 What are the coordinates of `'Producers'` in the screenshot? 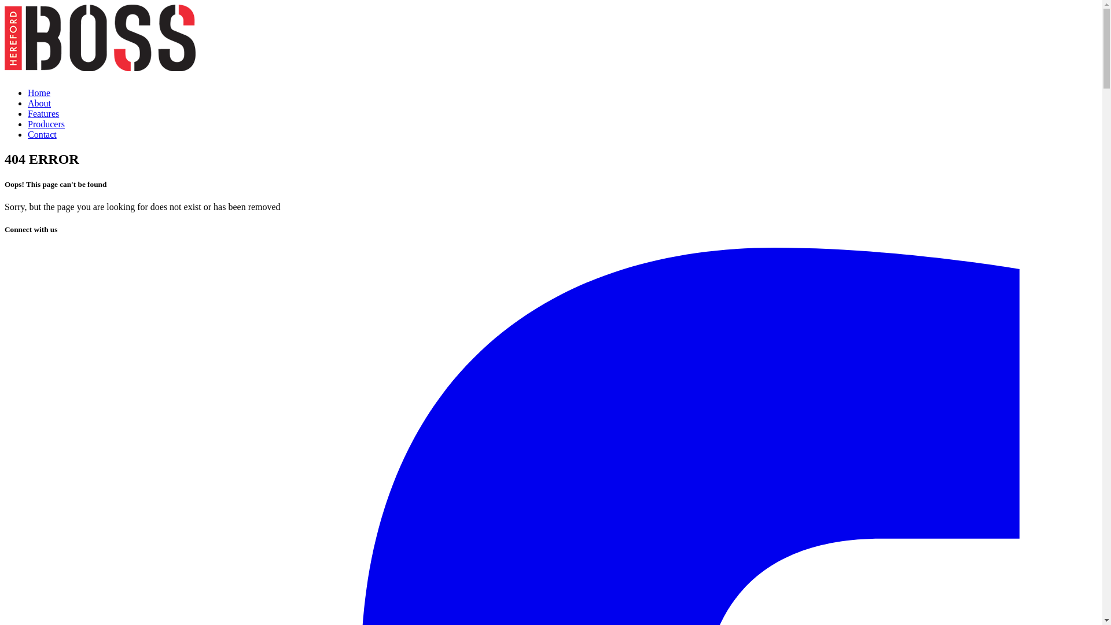 It's located at (46, 124).